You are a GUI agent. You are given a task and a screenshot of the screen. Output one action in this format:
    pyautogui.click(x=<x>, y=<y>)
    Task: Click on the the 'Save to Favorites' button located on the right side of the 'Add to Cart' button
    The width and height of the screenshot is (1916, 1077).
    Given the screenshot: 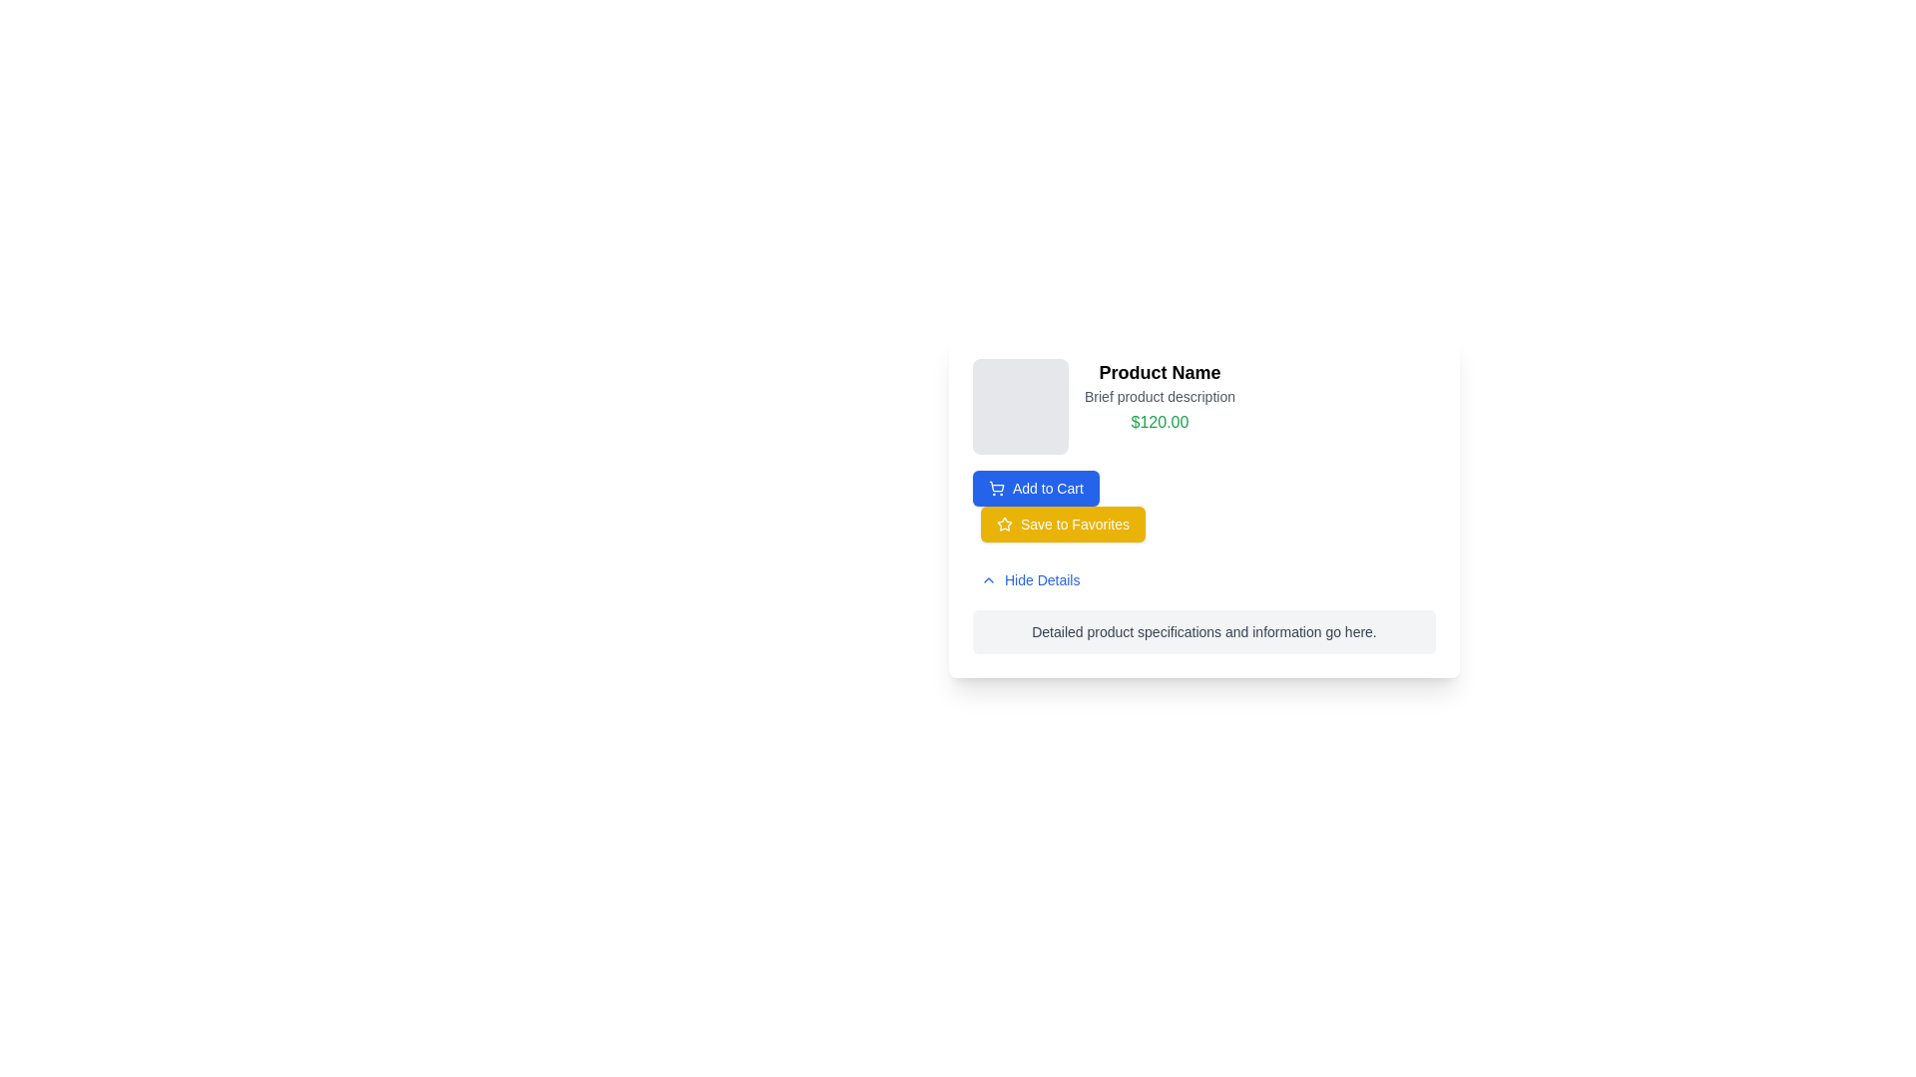 What is the action you would take?
    pyautogui.click(x=1062, y=523)
    